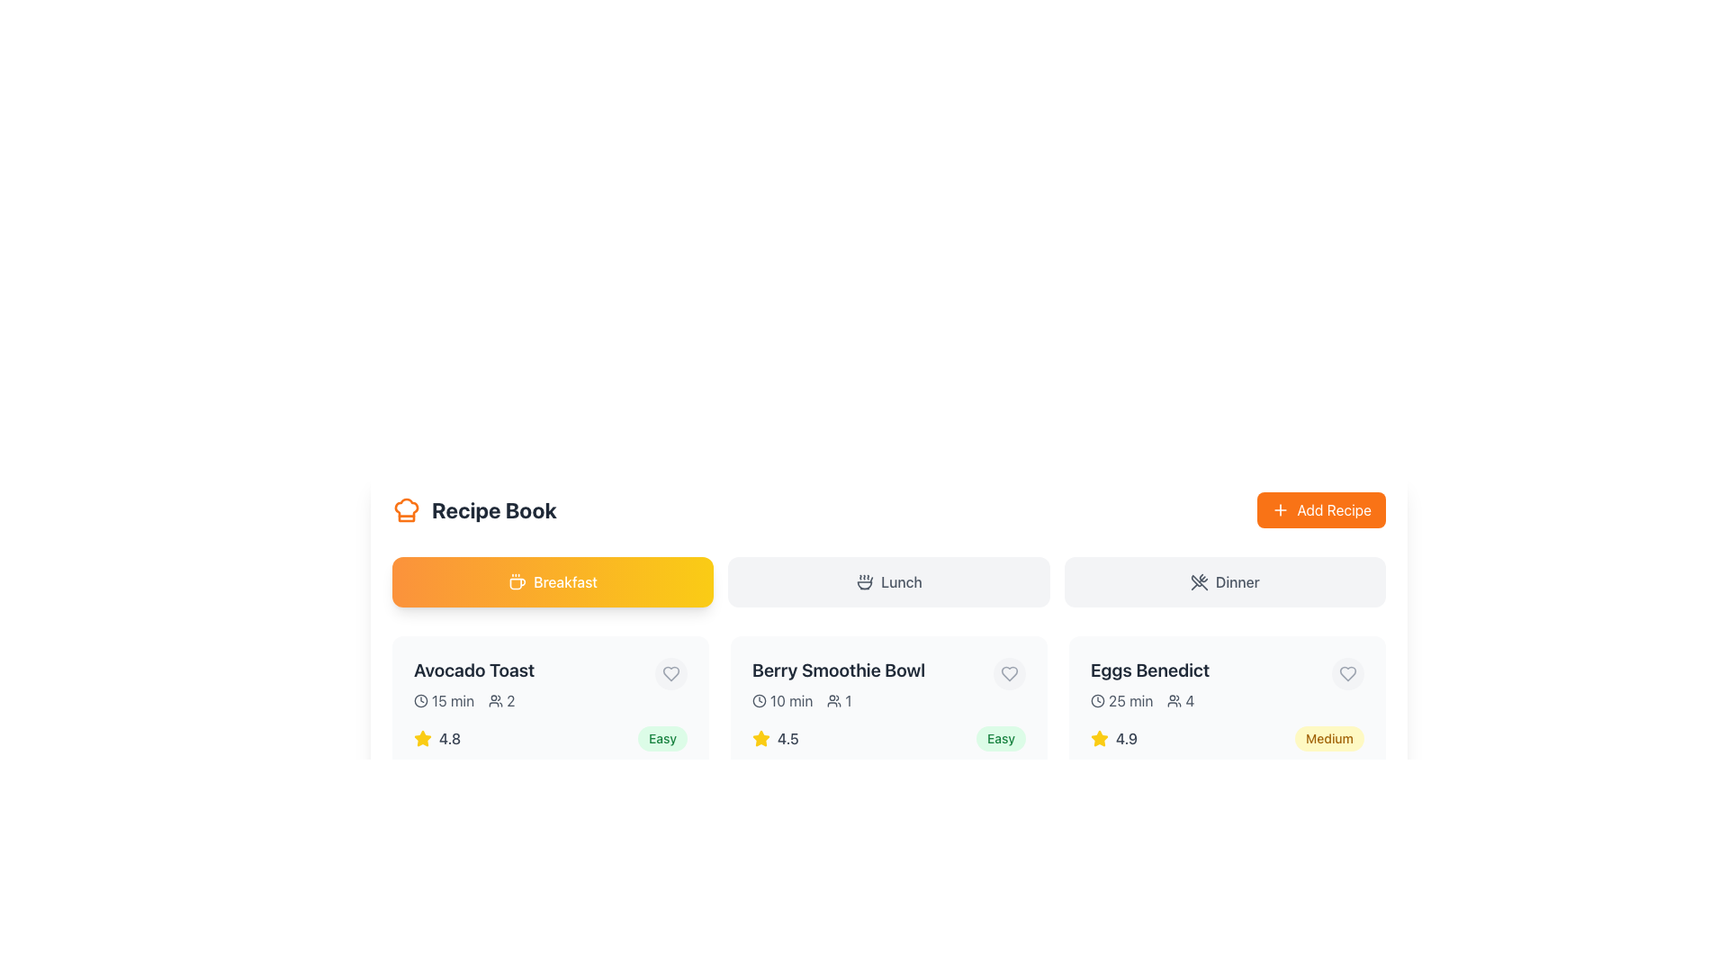 This screenshot has width=1728, height=972. I want to click on the Card Component representing the 'Berry Smoothie Bowl', which is the second item in a grid layout, located in the center column between 'Avocado Toast' and 'Eggs Benedict', so click(889, 733).